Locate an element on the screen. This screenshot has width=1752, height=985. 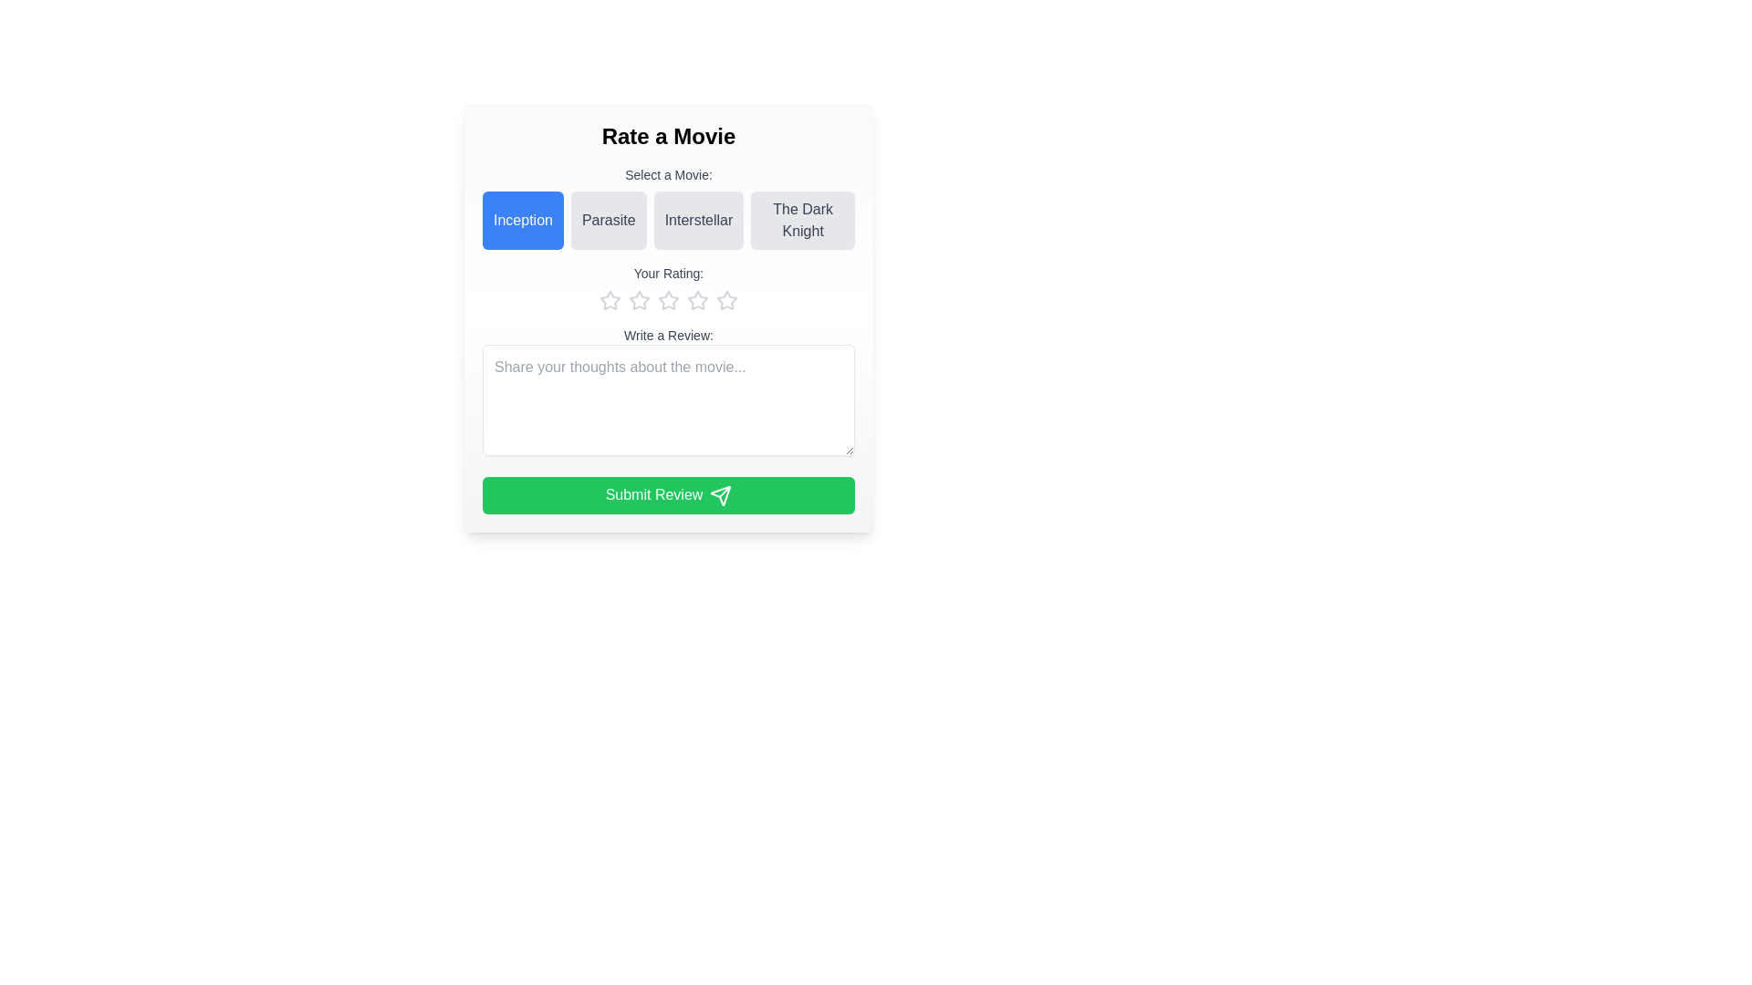
the submit review icon embedded within the 'Submit Review' button, located on the right-hand side of the button text is located at coordinates (720, 495).